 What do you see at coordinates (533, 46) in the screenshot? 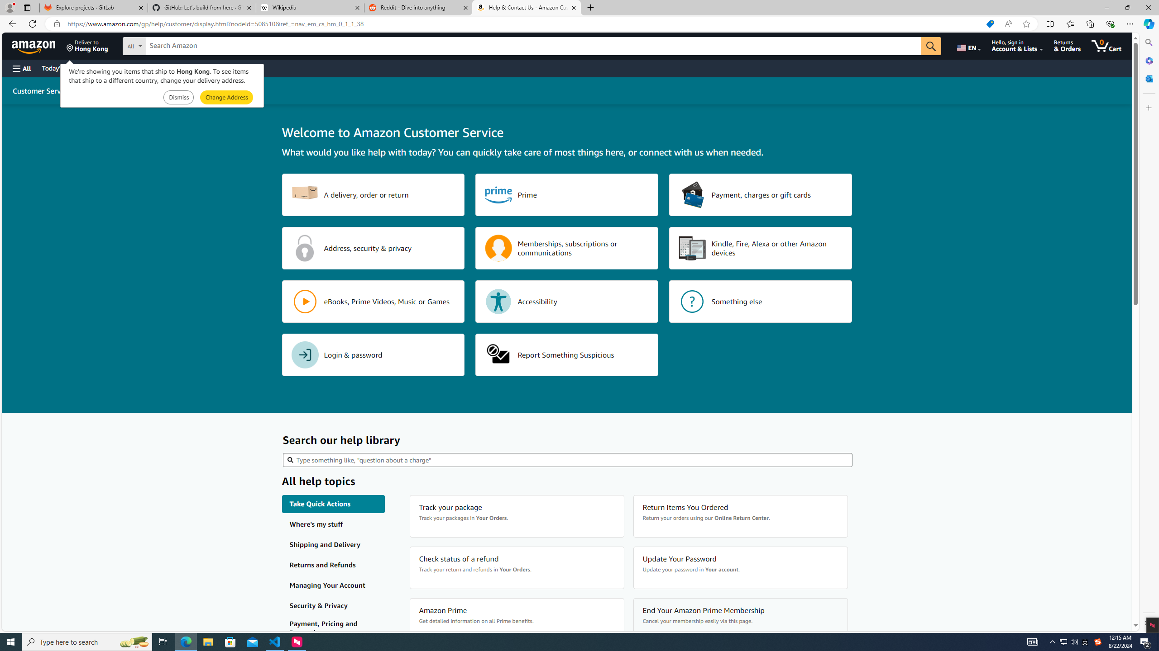
I see `'Search Amazon'` at bounding box center [533, 46].